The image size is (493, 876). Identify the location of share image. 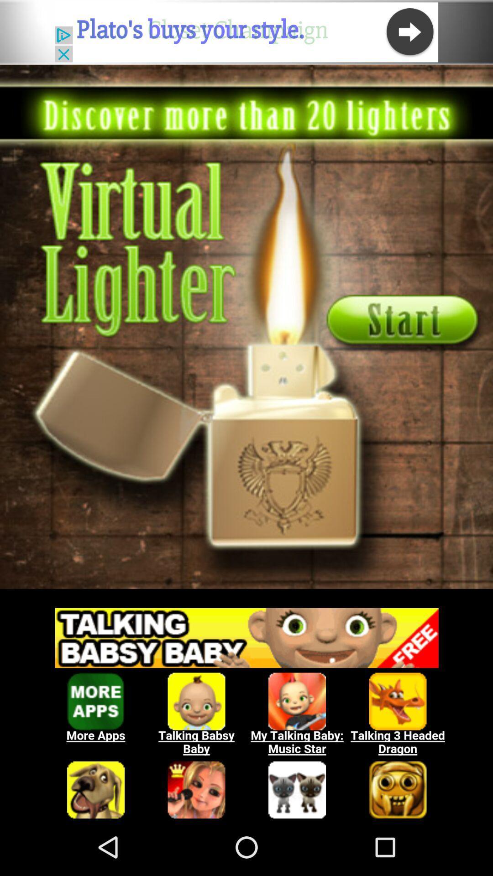
(246, 327).